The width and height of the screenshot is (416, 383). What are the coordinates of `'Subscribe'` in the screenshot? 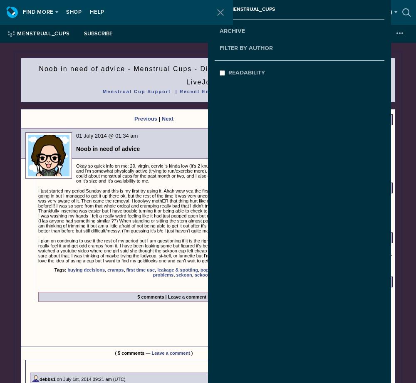 It's located at (98, 34).